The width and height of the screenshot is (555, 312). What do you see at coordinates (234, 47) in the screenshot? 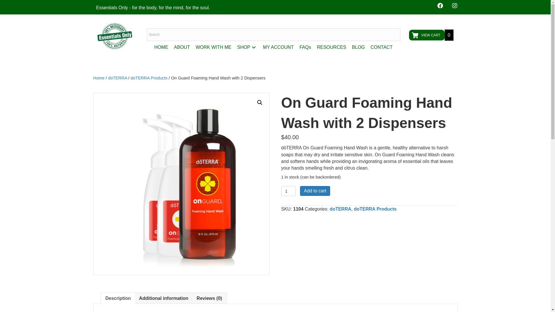
I see `'SHOP'` at bounding box center [234, 47].